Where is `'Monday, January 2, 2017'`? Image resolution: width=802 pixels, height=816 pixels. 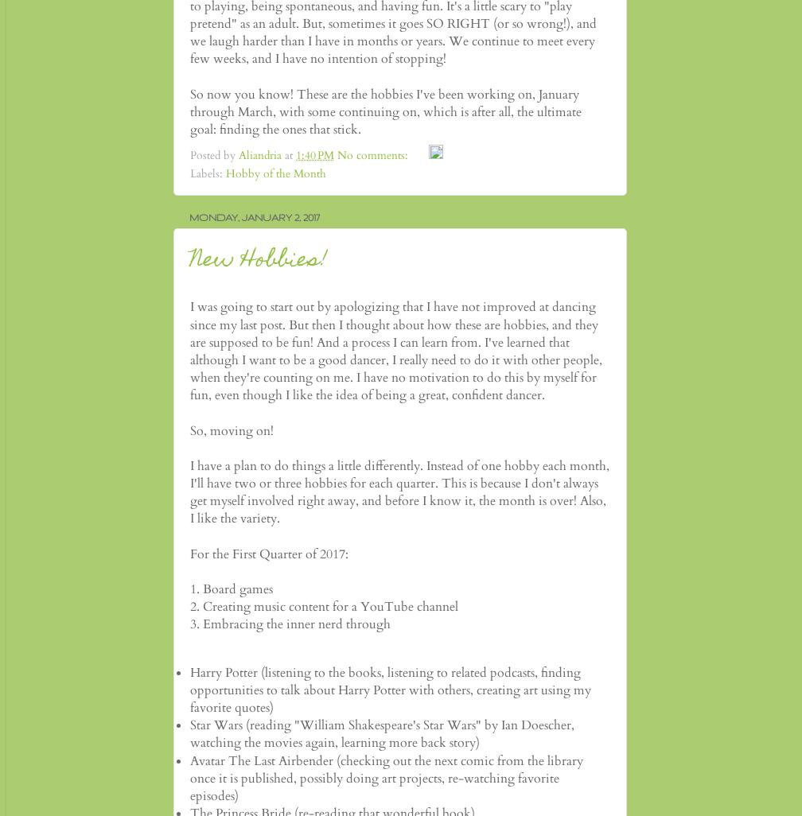
'Monday, January 2, 2017' is located at coordinates (255, 215).